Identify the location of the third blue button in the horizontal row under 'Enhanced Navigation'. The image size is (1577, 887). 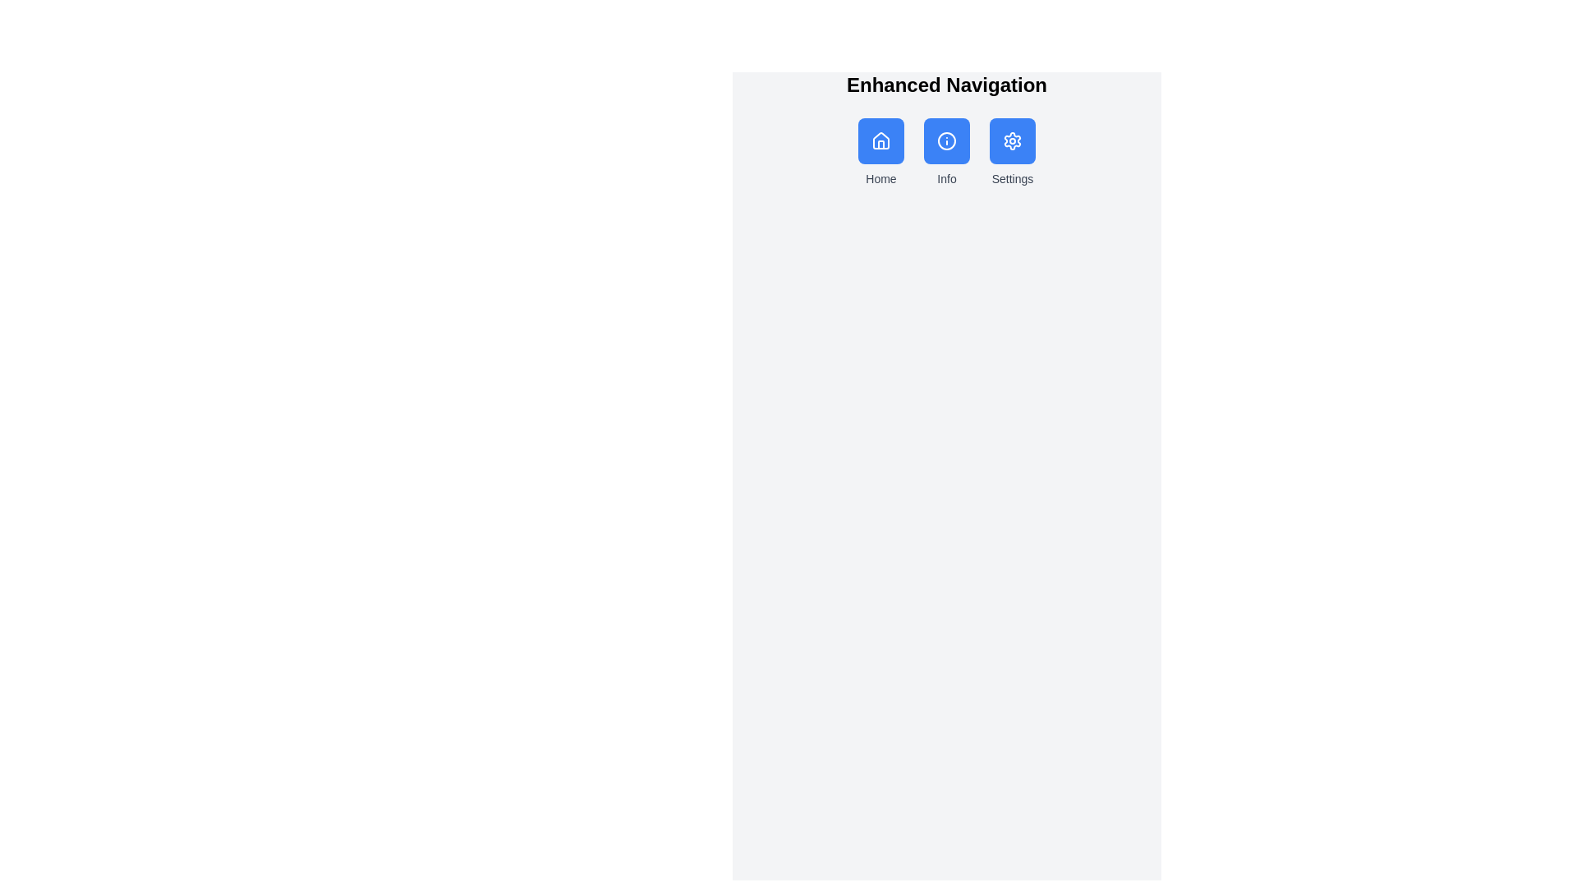
(1012, 152).